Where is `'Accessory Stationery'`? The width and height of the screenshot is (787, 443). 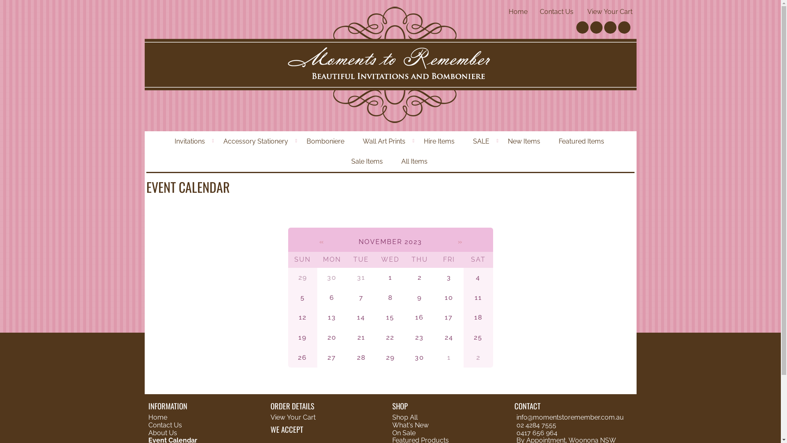
'Accessory Stationery' is located at coordinates (256, 141).